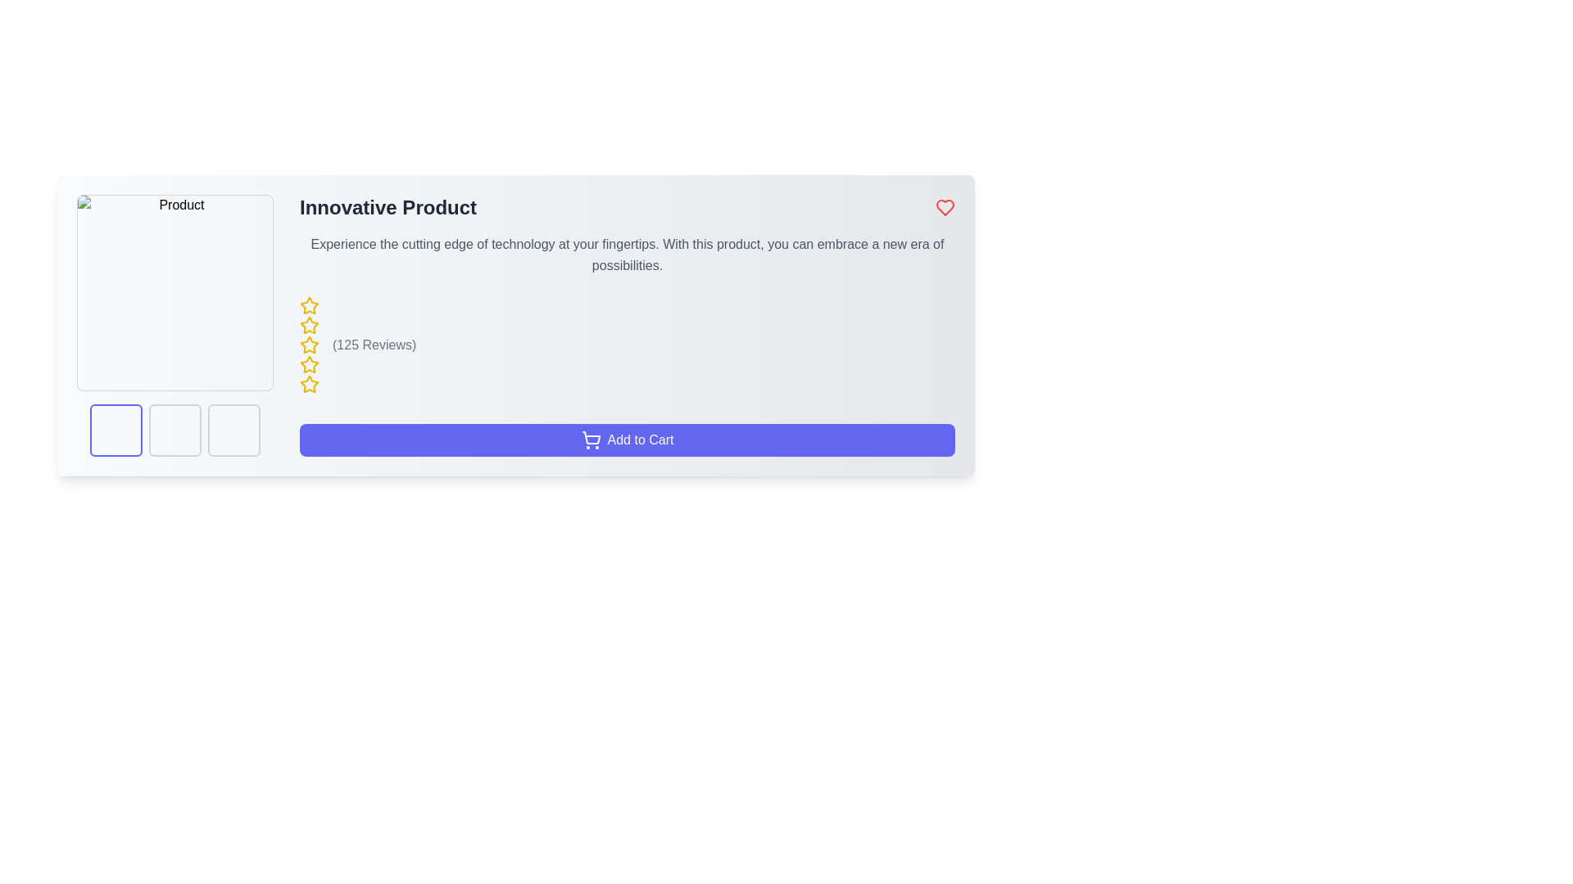 The width and height of the screenshot is (1573, 884). Describe the element at coordinates (310, 305) in the screenshot. I see `the first golden star-shaped rating icon located below the 'Innovative Product' title` at that location.